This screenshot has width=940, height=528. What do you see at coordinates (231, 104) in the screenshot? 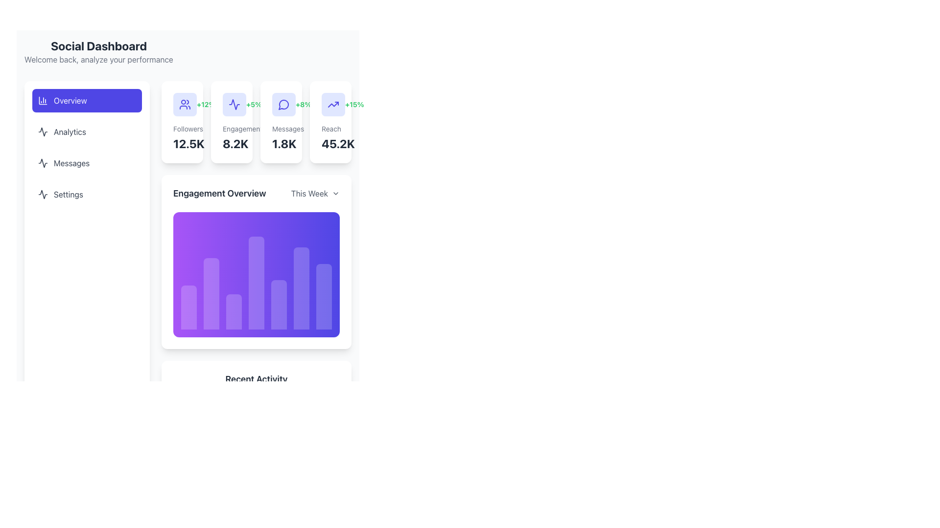
I see `the line chart wave icon in blue tone, which is the second item in the horizontal list of metric boxes on the dashboard page` at bounding box center [231, 104].